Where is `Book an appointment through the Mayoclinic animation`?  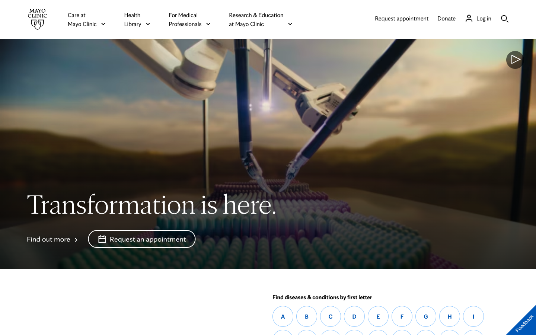 Book an appointment through the Mayoclinic animation is located at coordinates (141, 239).